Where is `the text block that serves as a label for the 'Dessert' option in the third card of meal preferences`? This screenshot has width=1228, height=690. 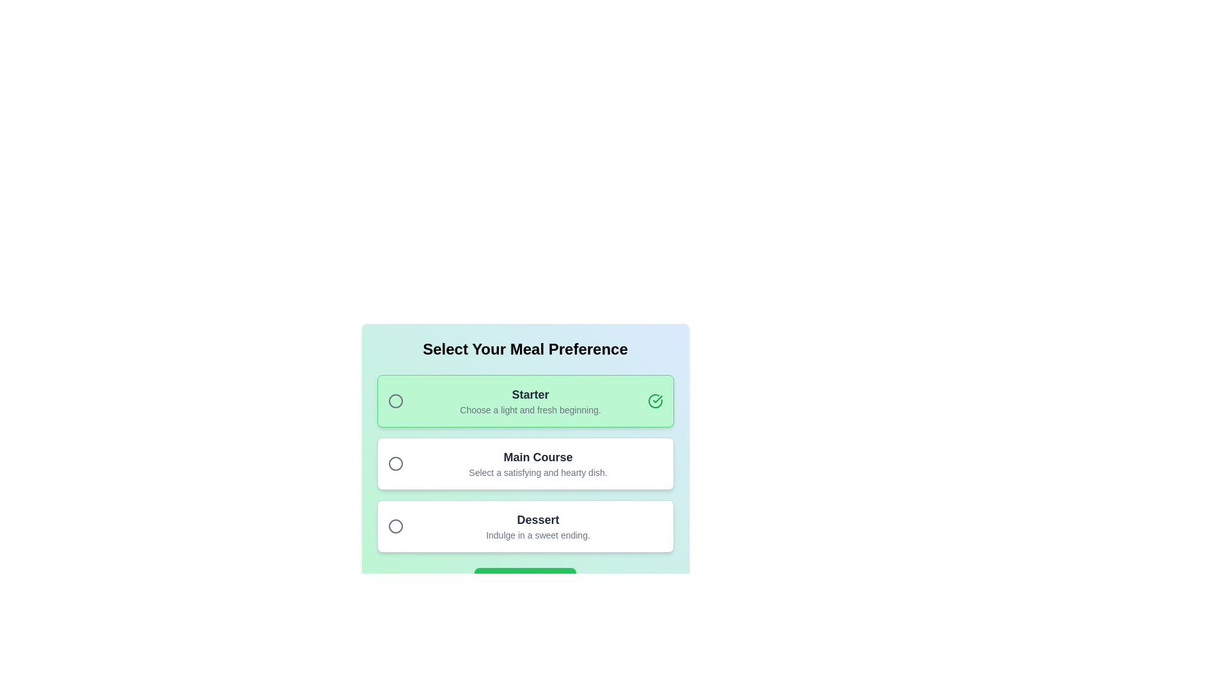 the text block that serves as a label for the 'Dessert' option in the third card of meal preferences is located at coordinates (538, 526).